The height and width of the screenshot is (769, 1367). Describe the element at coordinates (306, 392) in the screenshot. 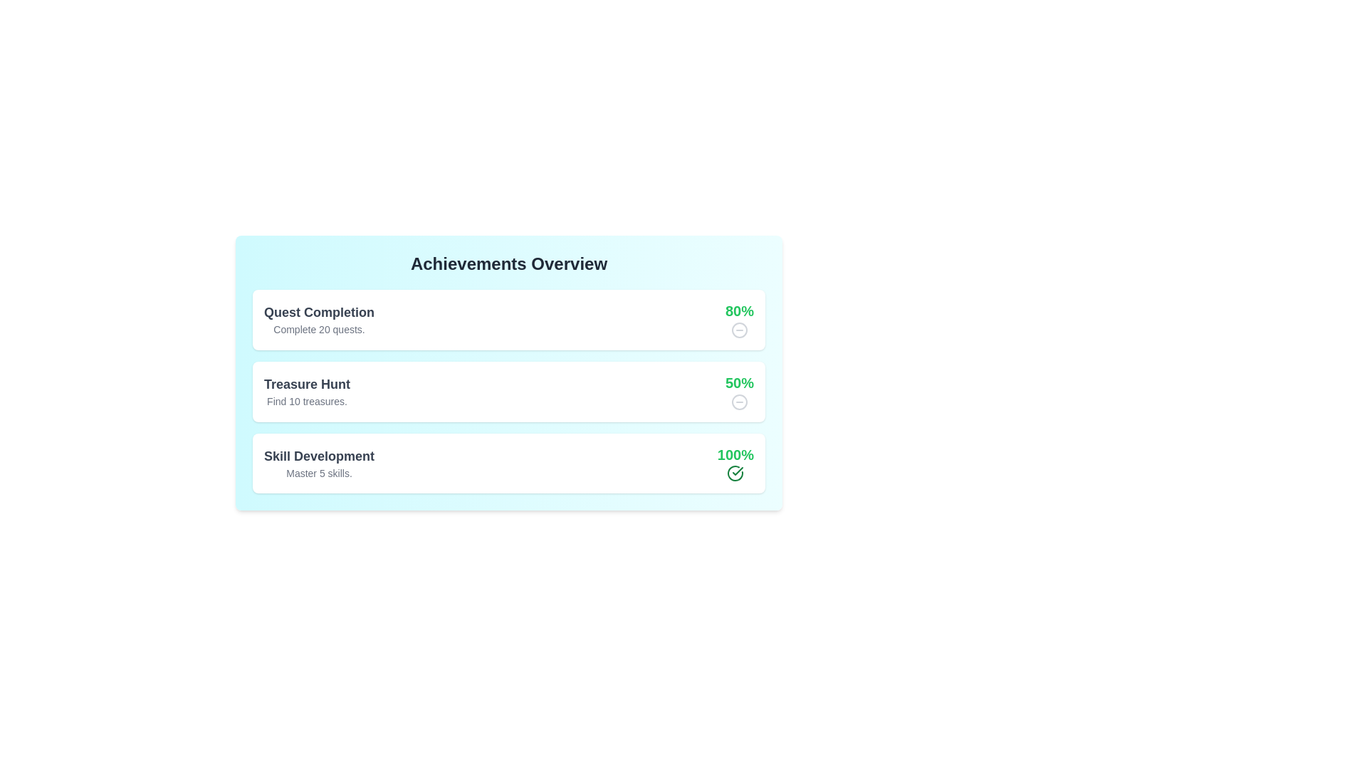

I see `text block labeled 'Treasure Hunt' that informs users about the progress goal and specific task of finding ten treasures, located in the middle section of the interface` at that location.